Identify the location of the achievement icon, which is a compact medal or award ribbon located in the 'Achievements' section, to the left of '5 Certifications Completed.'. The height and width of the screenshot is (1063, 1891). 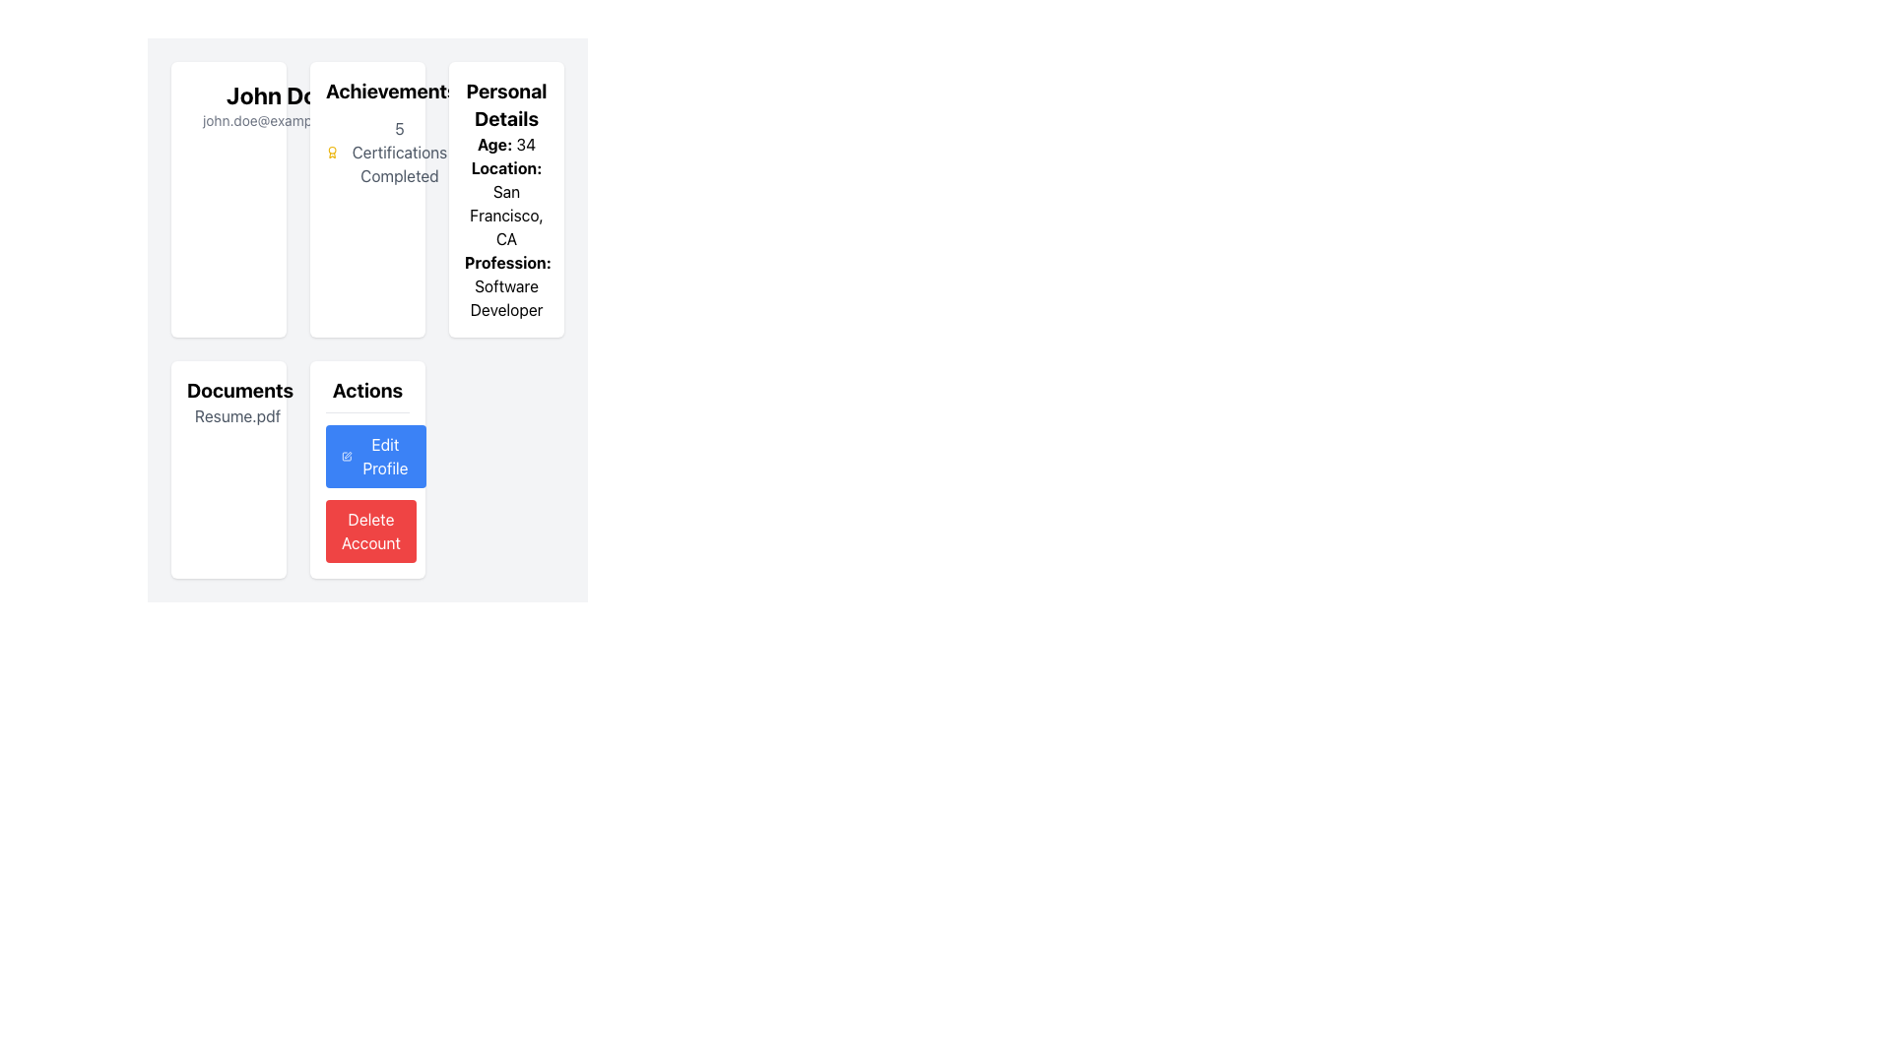
(332, 151).